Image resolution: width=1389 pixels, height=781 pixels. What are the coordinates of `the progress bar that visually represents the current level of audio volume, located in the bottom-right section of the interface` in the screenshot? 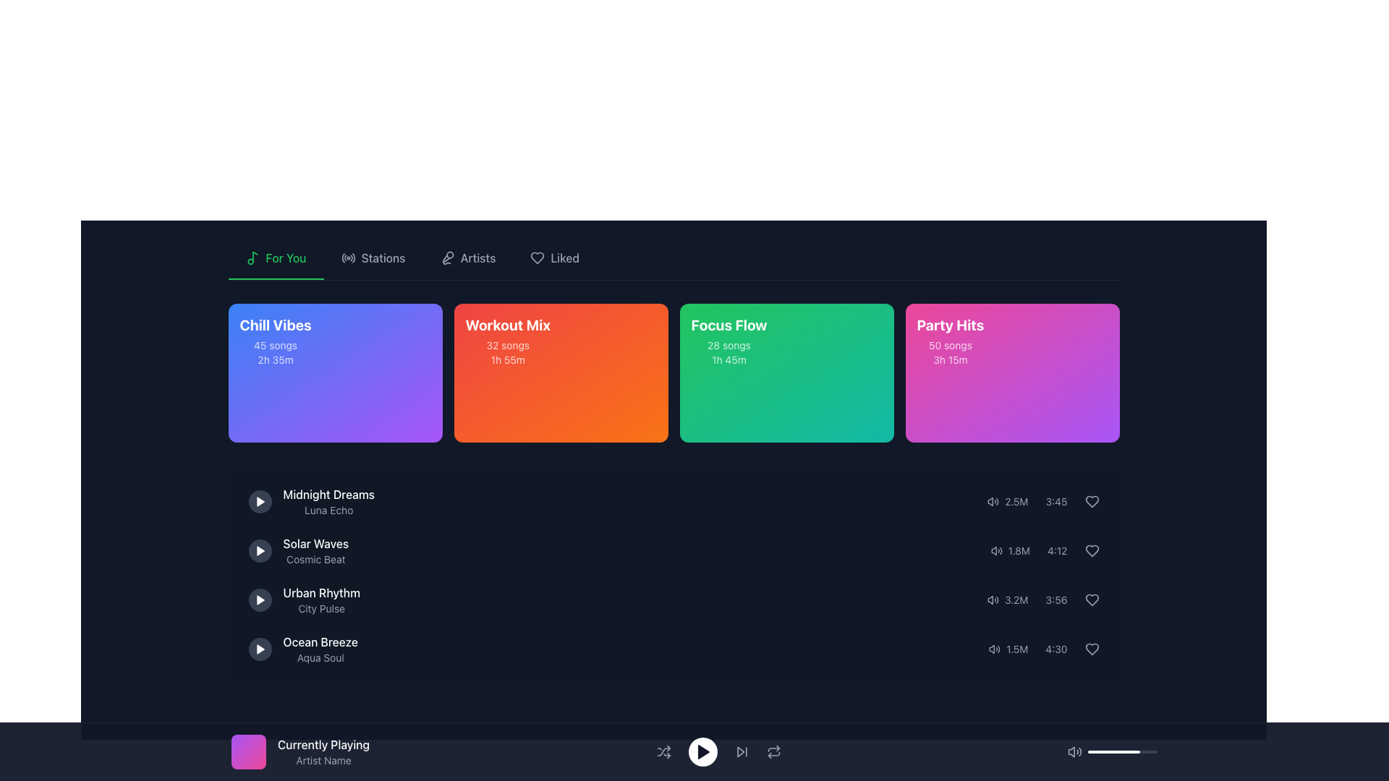 It's located at (1121, 751).